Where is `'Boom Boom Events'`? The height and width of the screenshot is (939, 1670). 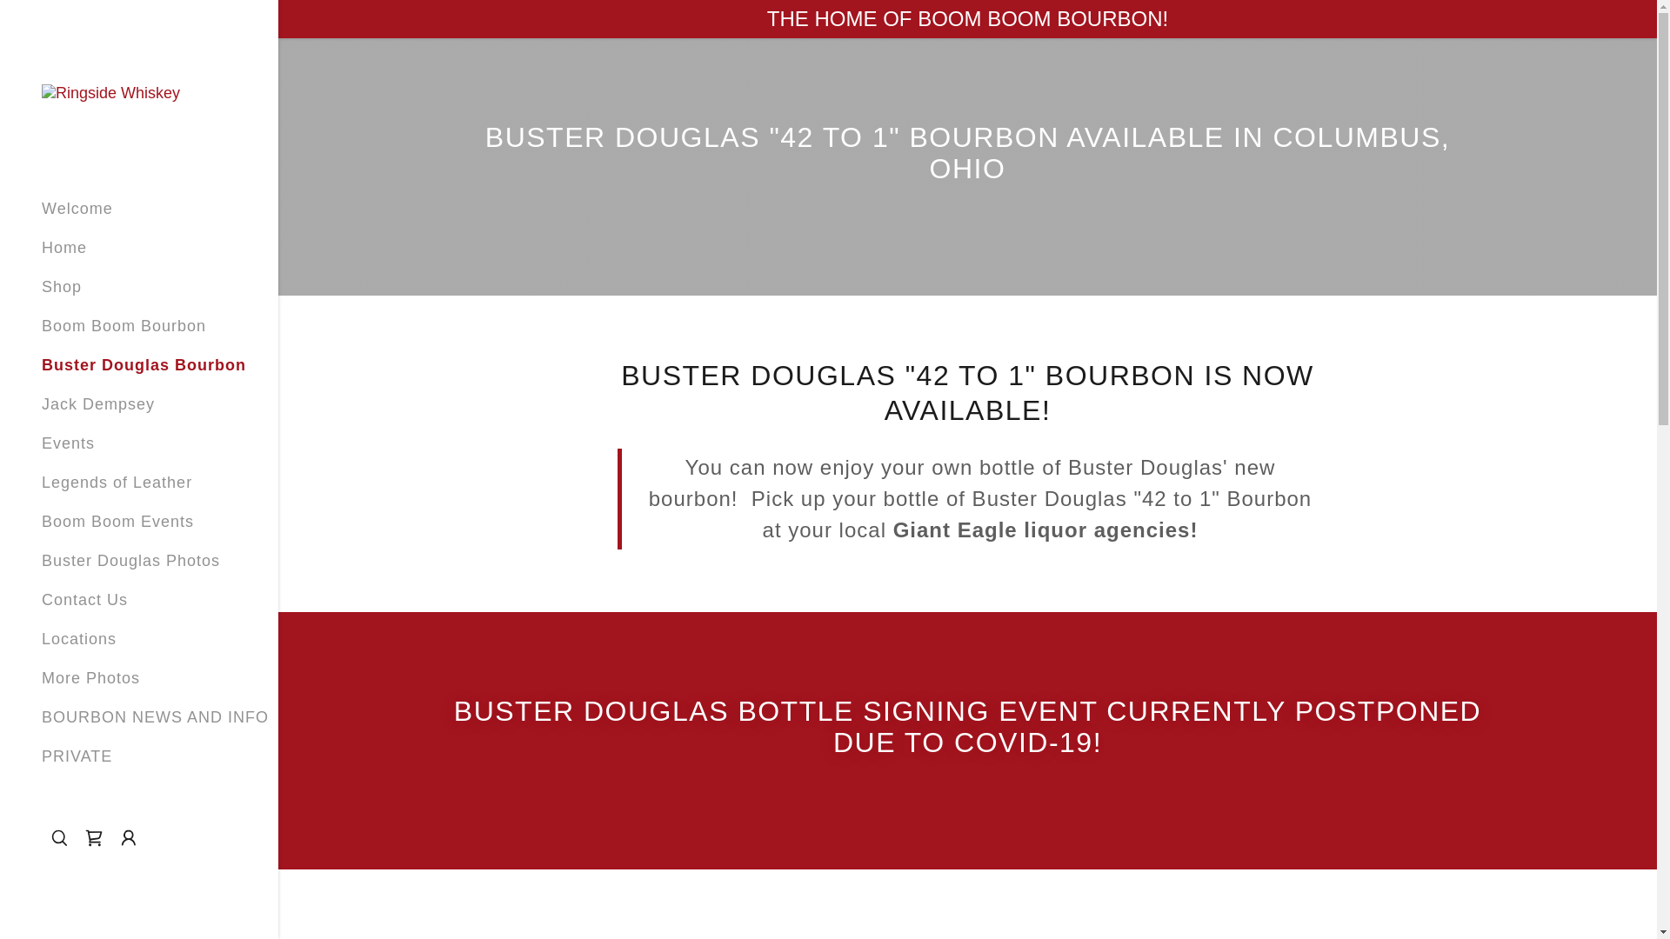
'Boom Boom Events' is located at coordinates (42, 521).